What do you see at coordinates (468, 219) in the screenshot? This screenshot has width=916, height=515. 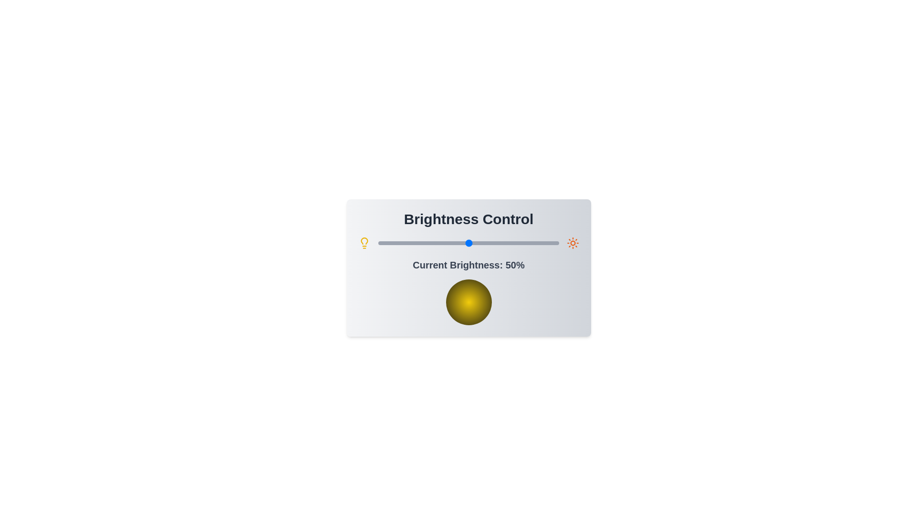 I see `the 'Brightness Control' title text` at bounding box center [468, 219].